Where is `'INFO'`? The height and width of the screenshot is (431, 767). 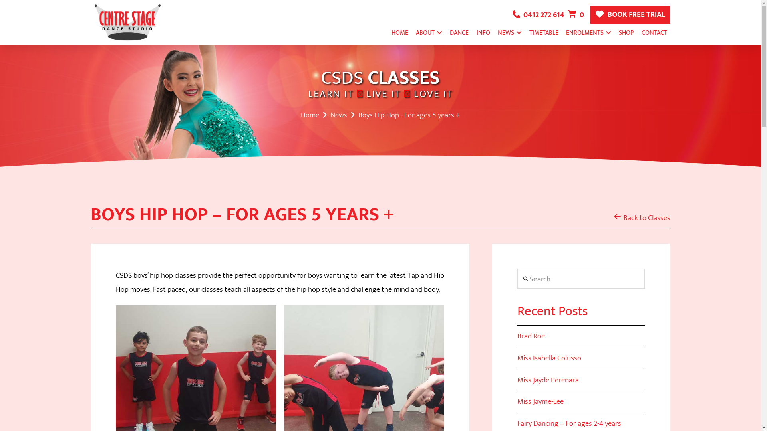 'INFO' is located at coordinates (483, 32).